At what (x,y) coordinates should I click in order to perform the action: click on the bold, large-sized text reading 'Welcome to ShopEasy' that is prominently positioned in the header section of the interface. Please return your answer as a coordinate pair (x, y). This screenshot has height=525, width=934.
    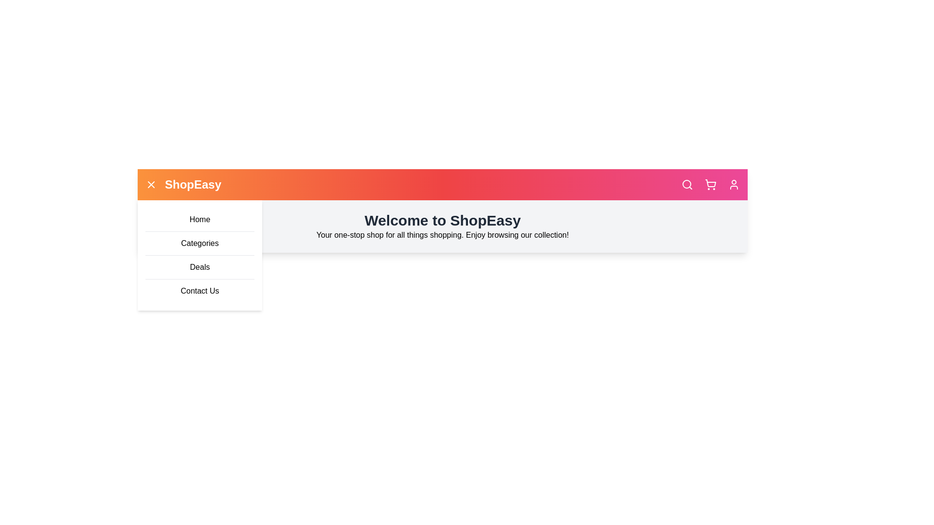
    Looking at the image, I should click on (442, 221).